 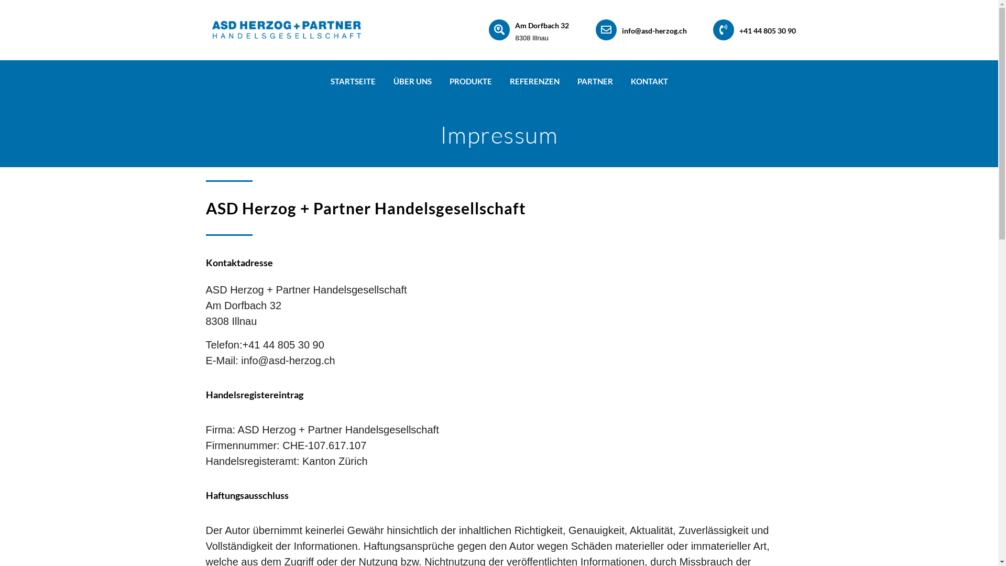 What do you see at coordinates (594, 80) in the screenshot?
I see `'PARTNER'` at bounding box center [594, 80].